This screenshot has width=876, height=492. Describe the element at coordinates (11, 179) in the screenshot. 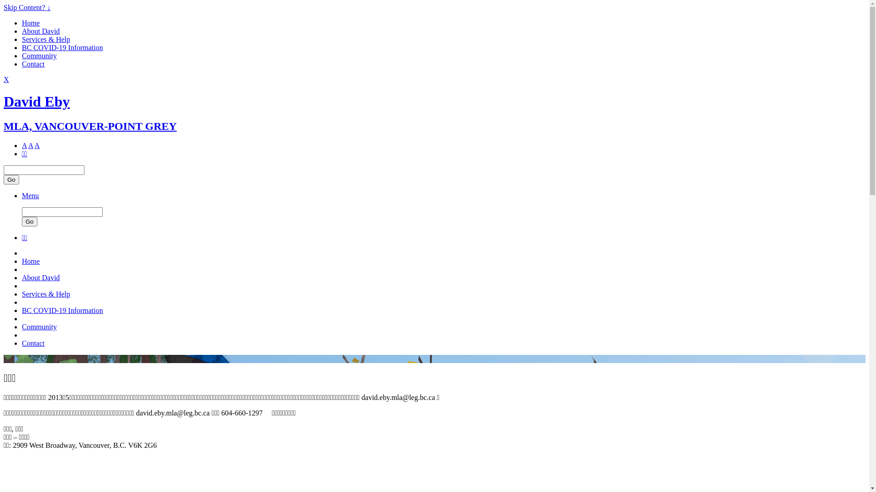

I see `'Go'` at that location.